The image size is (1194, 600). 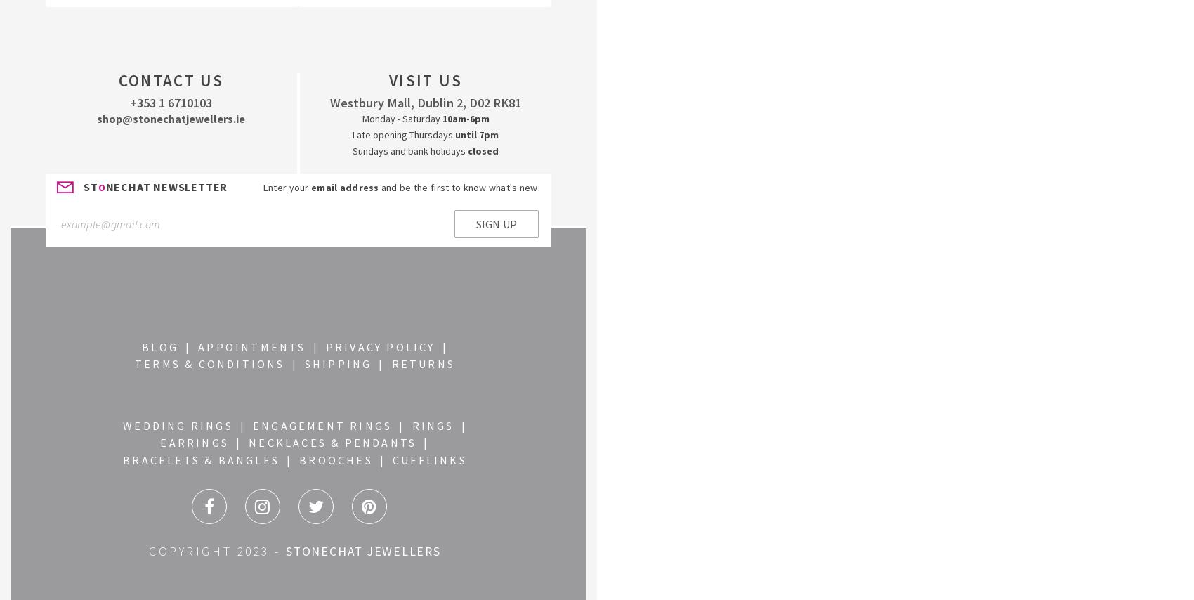 I want to click on 'RETURNS', so click(x=390, y=363).